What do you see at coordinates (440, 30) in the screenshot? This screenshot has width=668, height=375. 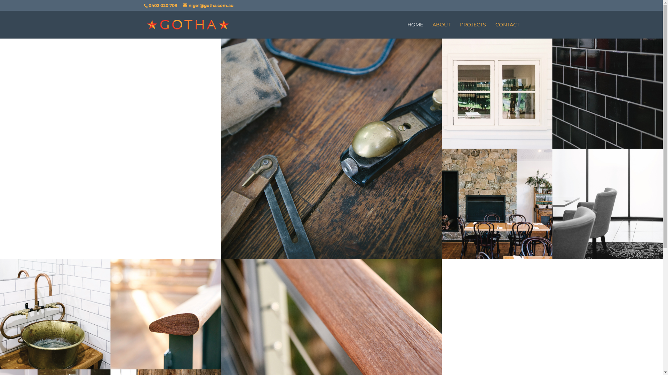 I see `'ABOUT'` at bounding box center [440, 30].